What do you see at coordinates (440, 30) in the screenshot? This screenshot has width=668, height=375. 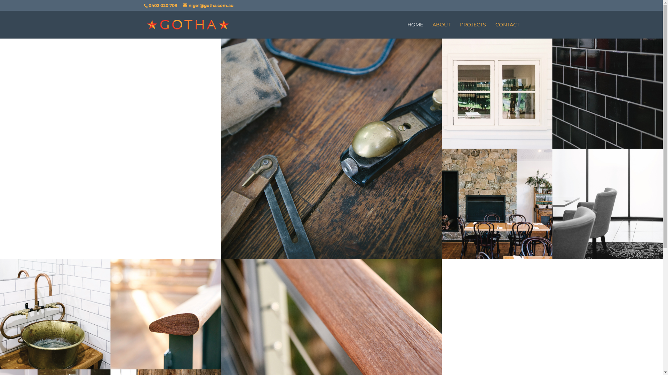 I see `'ABOUT'` at bounding box center [440, 30].